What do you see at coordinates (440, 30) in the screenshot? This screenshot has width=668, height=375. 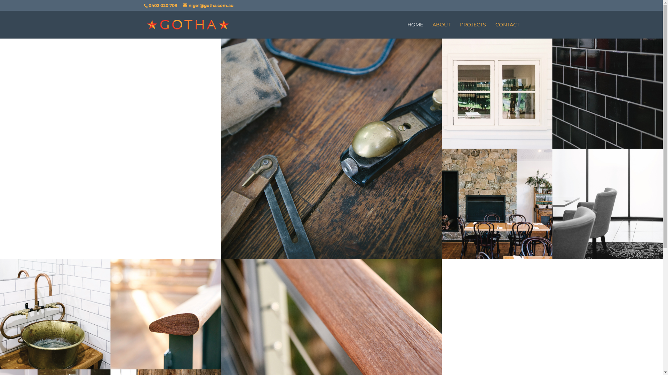 I see `'ABOUT'` at bounding box center [440, 30].